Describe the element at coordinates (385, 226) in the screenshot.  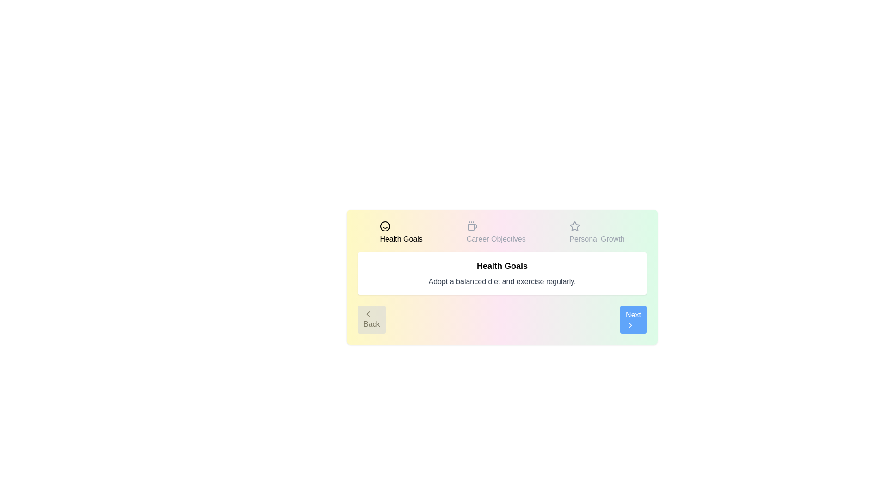
I see `the icon of the current step (Health Goals) to view its details` at that location.